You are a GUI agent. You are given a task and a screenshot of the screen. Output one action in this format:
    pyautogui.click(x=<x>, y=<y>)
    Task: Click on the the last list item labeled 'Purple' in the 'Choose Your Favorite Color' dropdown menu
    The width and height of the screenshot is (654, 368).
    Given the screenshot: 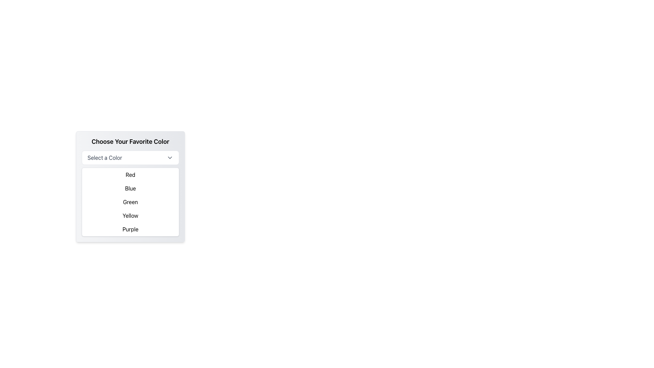 What is the action you would take?
    pyautogui.click(x=130, y=229)
    